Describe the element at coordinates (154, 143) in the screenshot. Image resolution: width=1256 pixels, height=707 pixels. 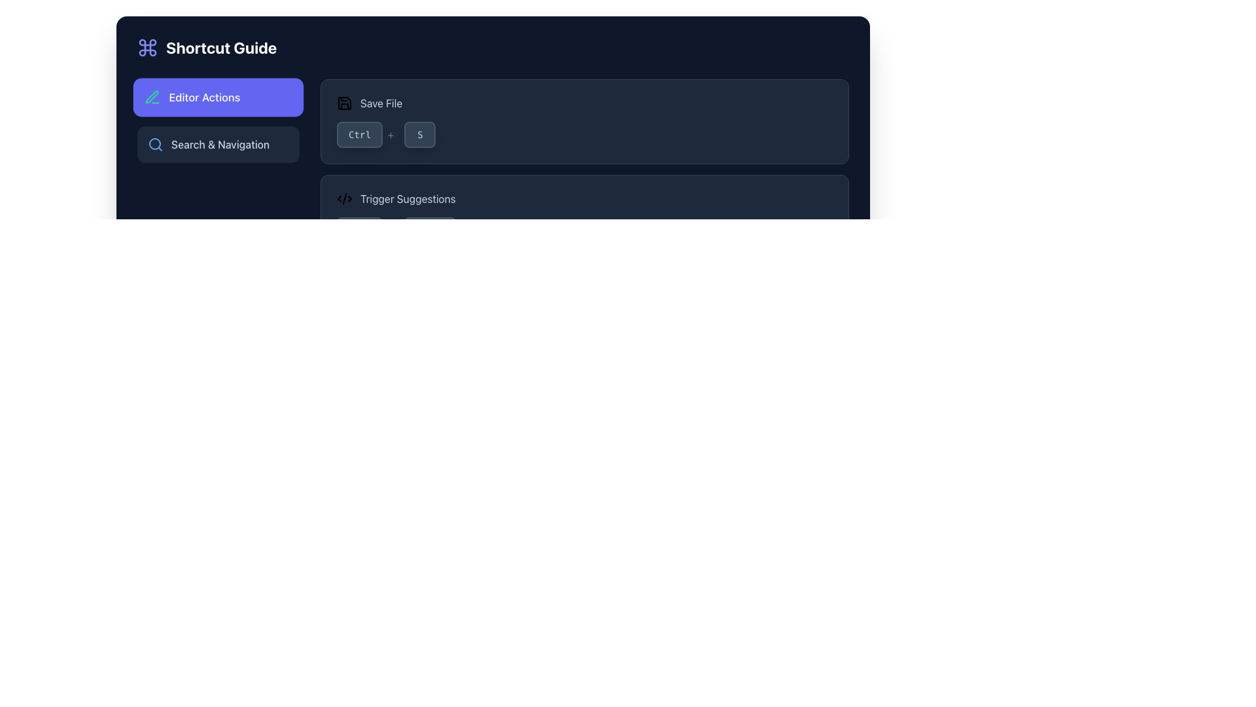
I see `the blue circular element that forms the lens of the magnifying glass icon located to the left of 'Search & Navigation' in the sidebar` at that location.